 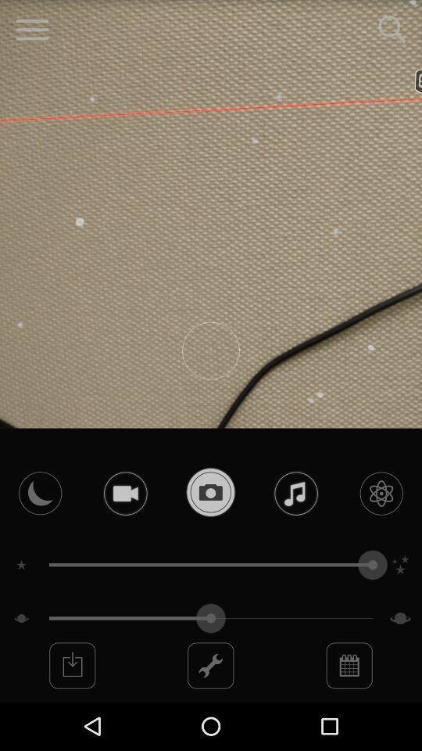 What do you see at coordinates (349, 712) in the screenshot?
I see `the more icon` at bounding box center [349, 712].